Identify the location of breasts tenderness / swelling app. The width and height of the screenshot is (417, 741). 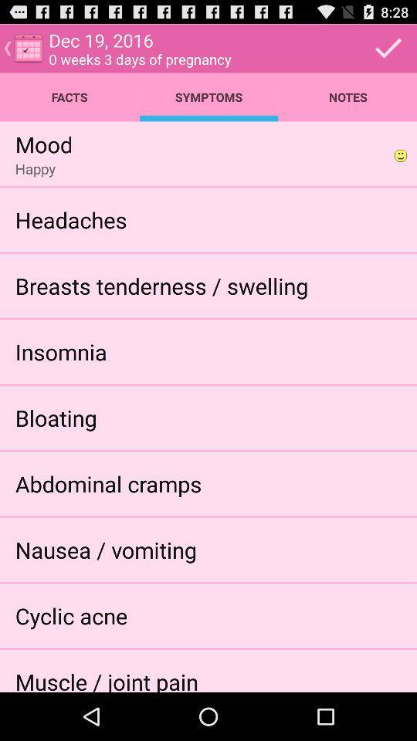
(161, 285).